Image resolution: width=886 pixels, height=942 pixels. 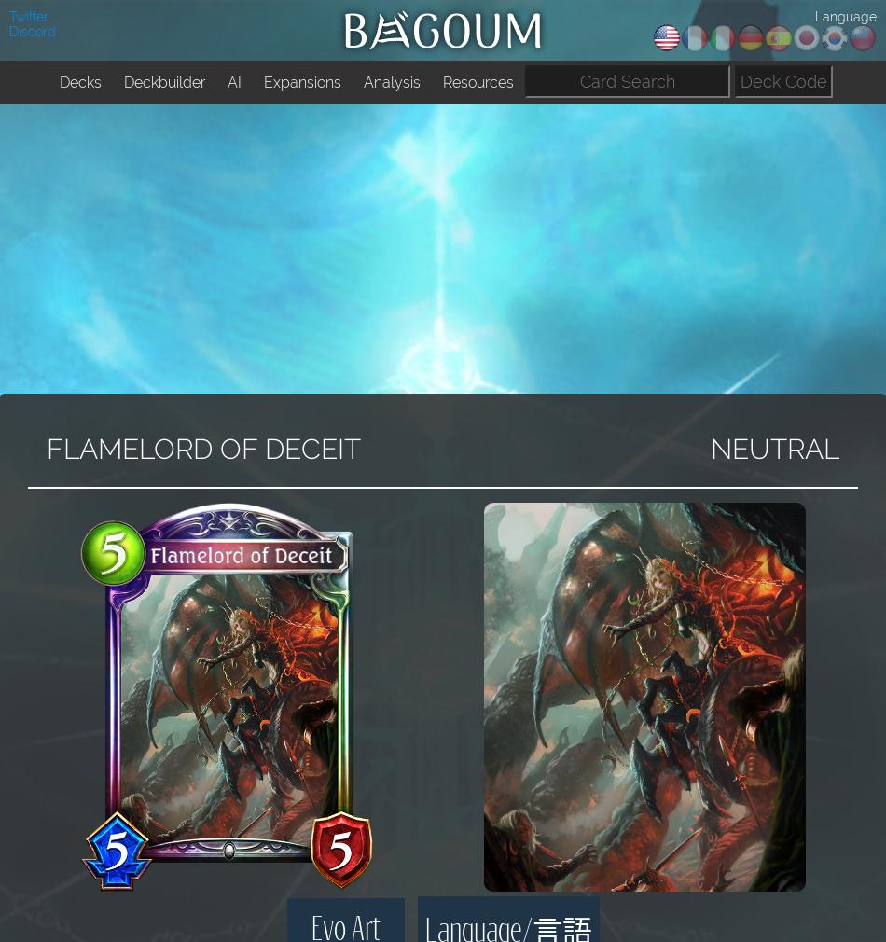 I want to click on 'Discord Bots', so click(x=487, y=365).